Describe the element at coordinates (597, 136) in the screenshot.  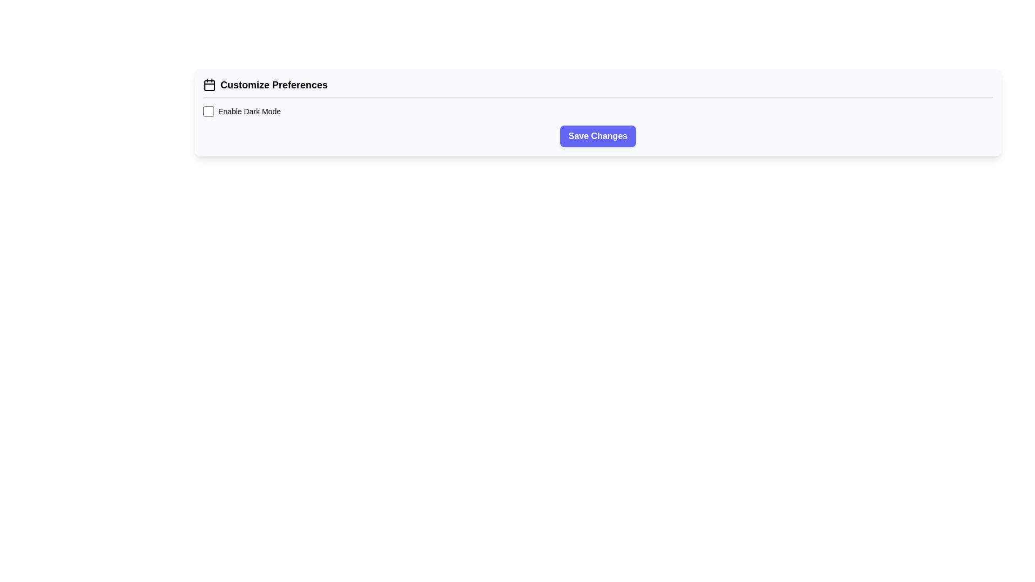
I see `the save changes button located below the 'Enable Dark Mode' toggle option` at that location.